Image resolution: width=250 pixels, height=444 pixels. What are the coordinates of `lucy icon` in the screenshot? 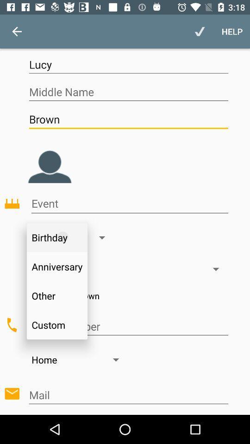 It's located at (128, 64).